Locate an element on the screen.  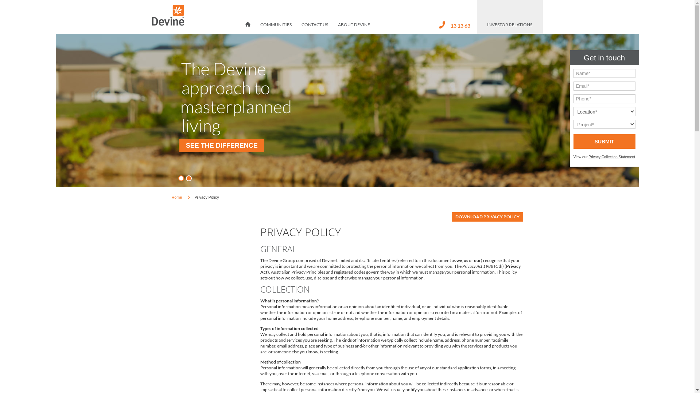
'INVESTOR RELATIONS' is located at coordinates (477, 26).